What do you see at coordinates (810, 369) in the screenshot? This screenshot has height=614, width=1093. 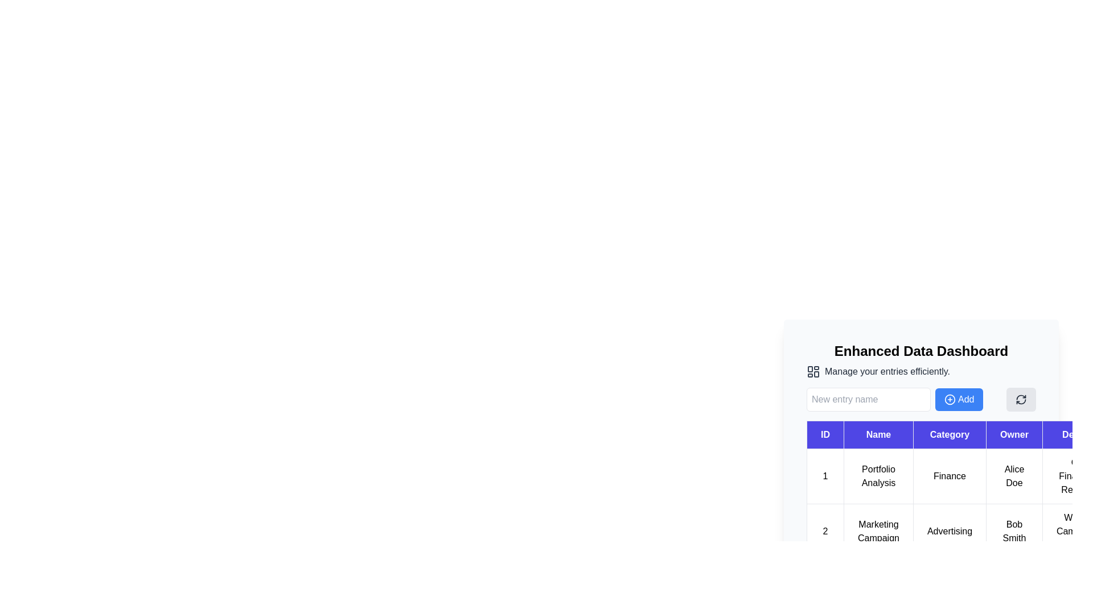 I see `the decorative icon component, which is a small rectangle with rounded corners located at the top-left of a grid-like icon structure next to the 'Enhanced Data Dashboard' heading` at bounding box center [810, 369].